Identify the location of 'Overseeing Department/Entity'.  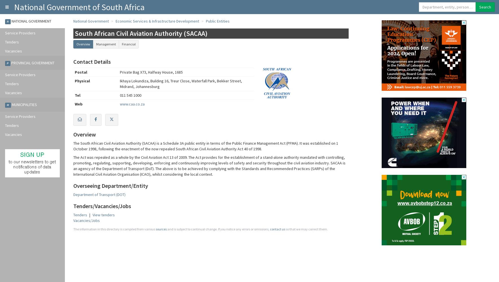
(73, 186).